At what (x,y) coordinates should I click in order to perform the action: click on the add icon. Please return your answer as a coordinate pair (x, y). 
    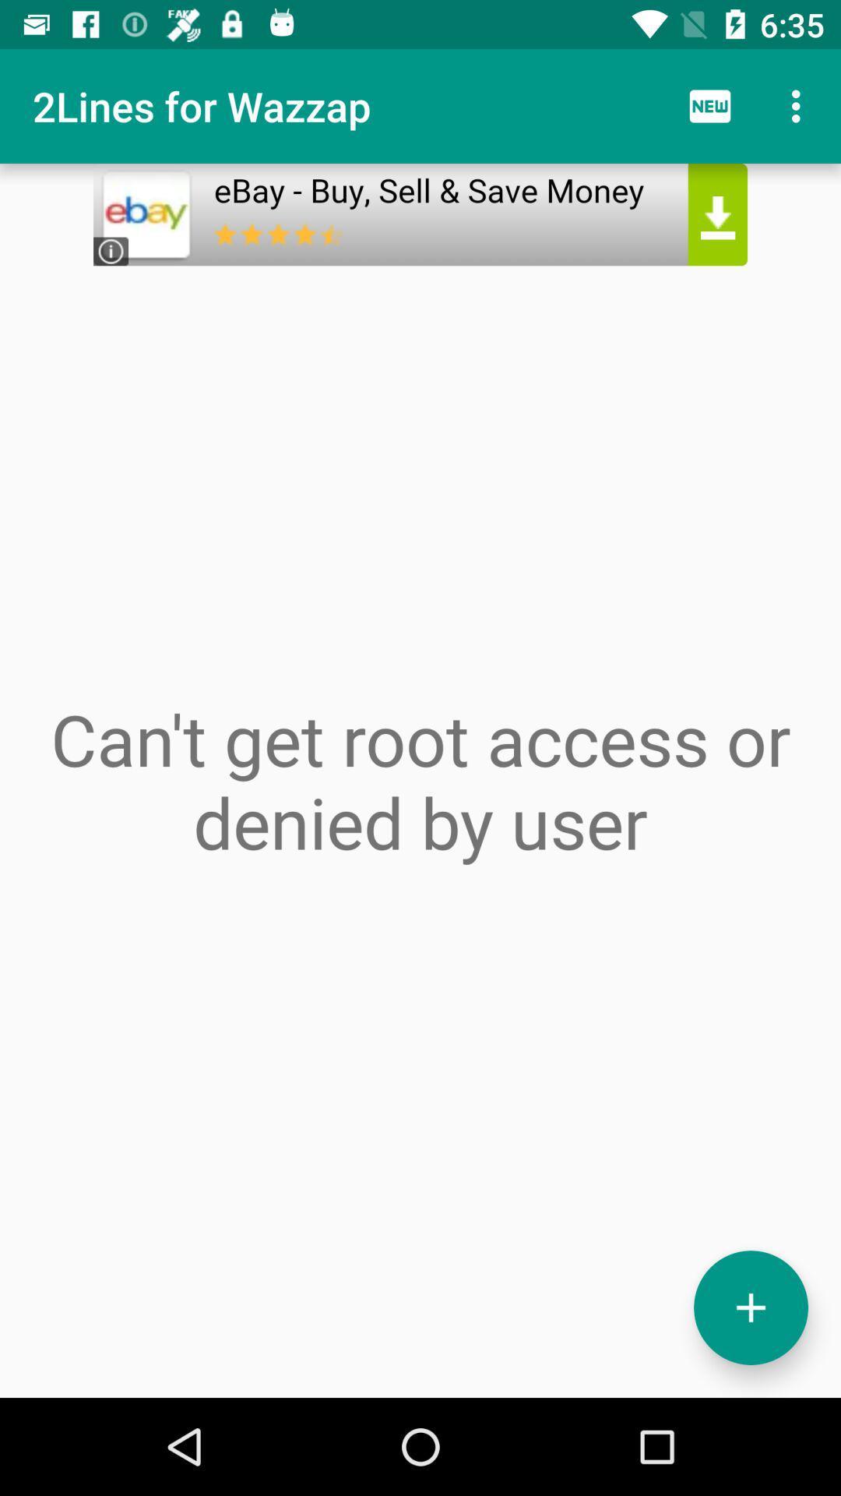
    Looking at the image, I should click on (750, 1307).